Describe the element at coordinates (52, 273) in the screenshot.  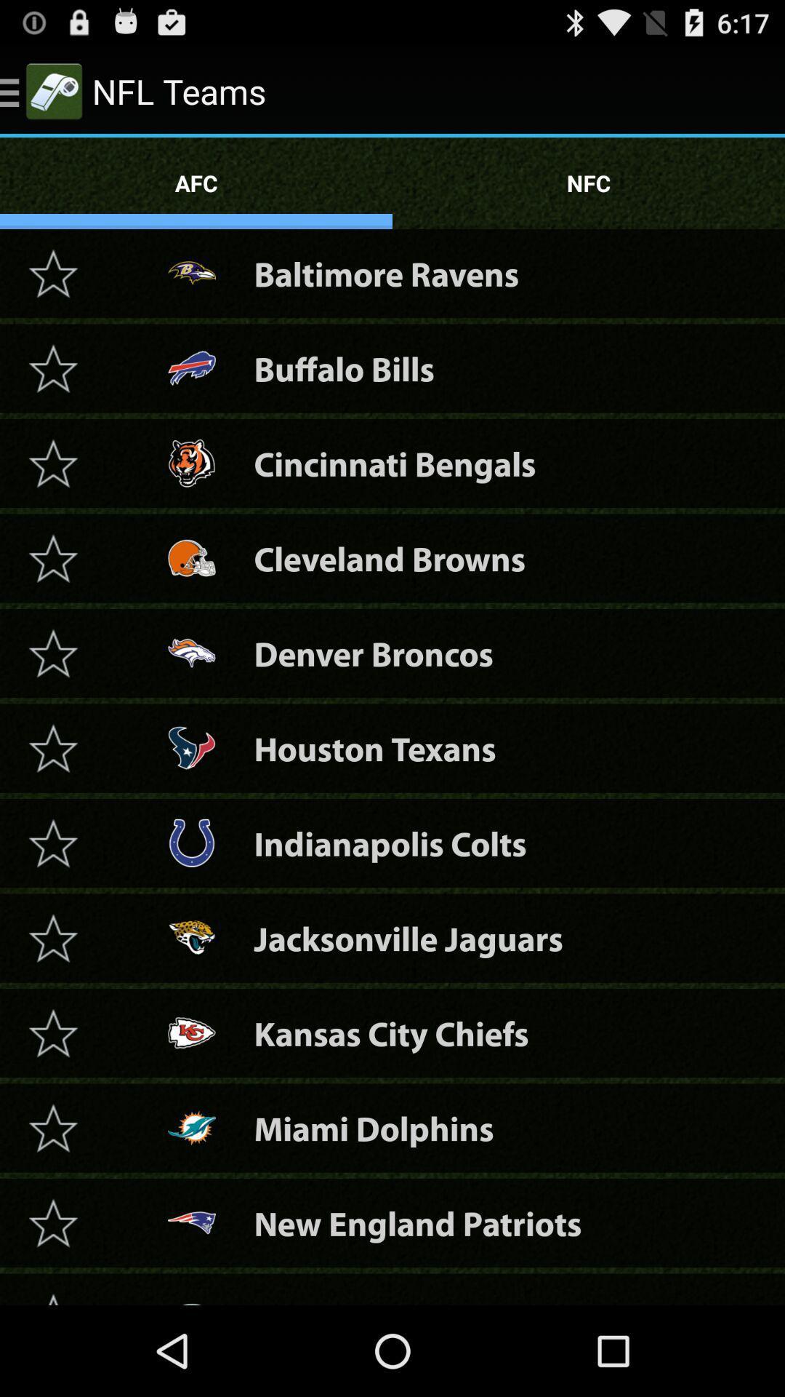
I see `star team` at that location.